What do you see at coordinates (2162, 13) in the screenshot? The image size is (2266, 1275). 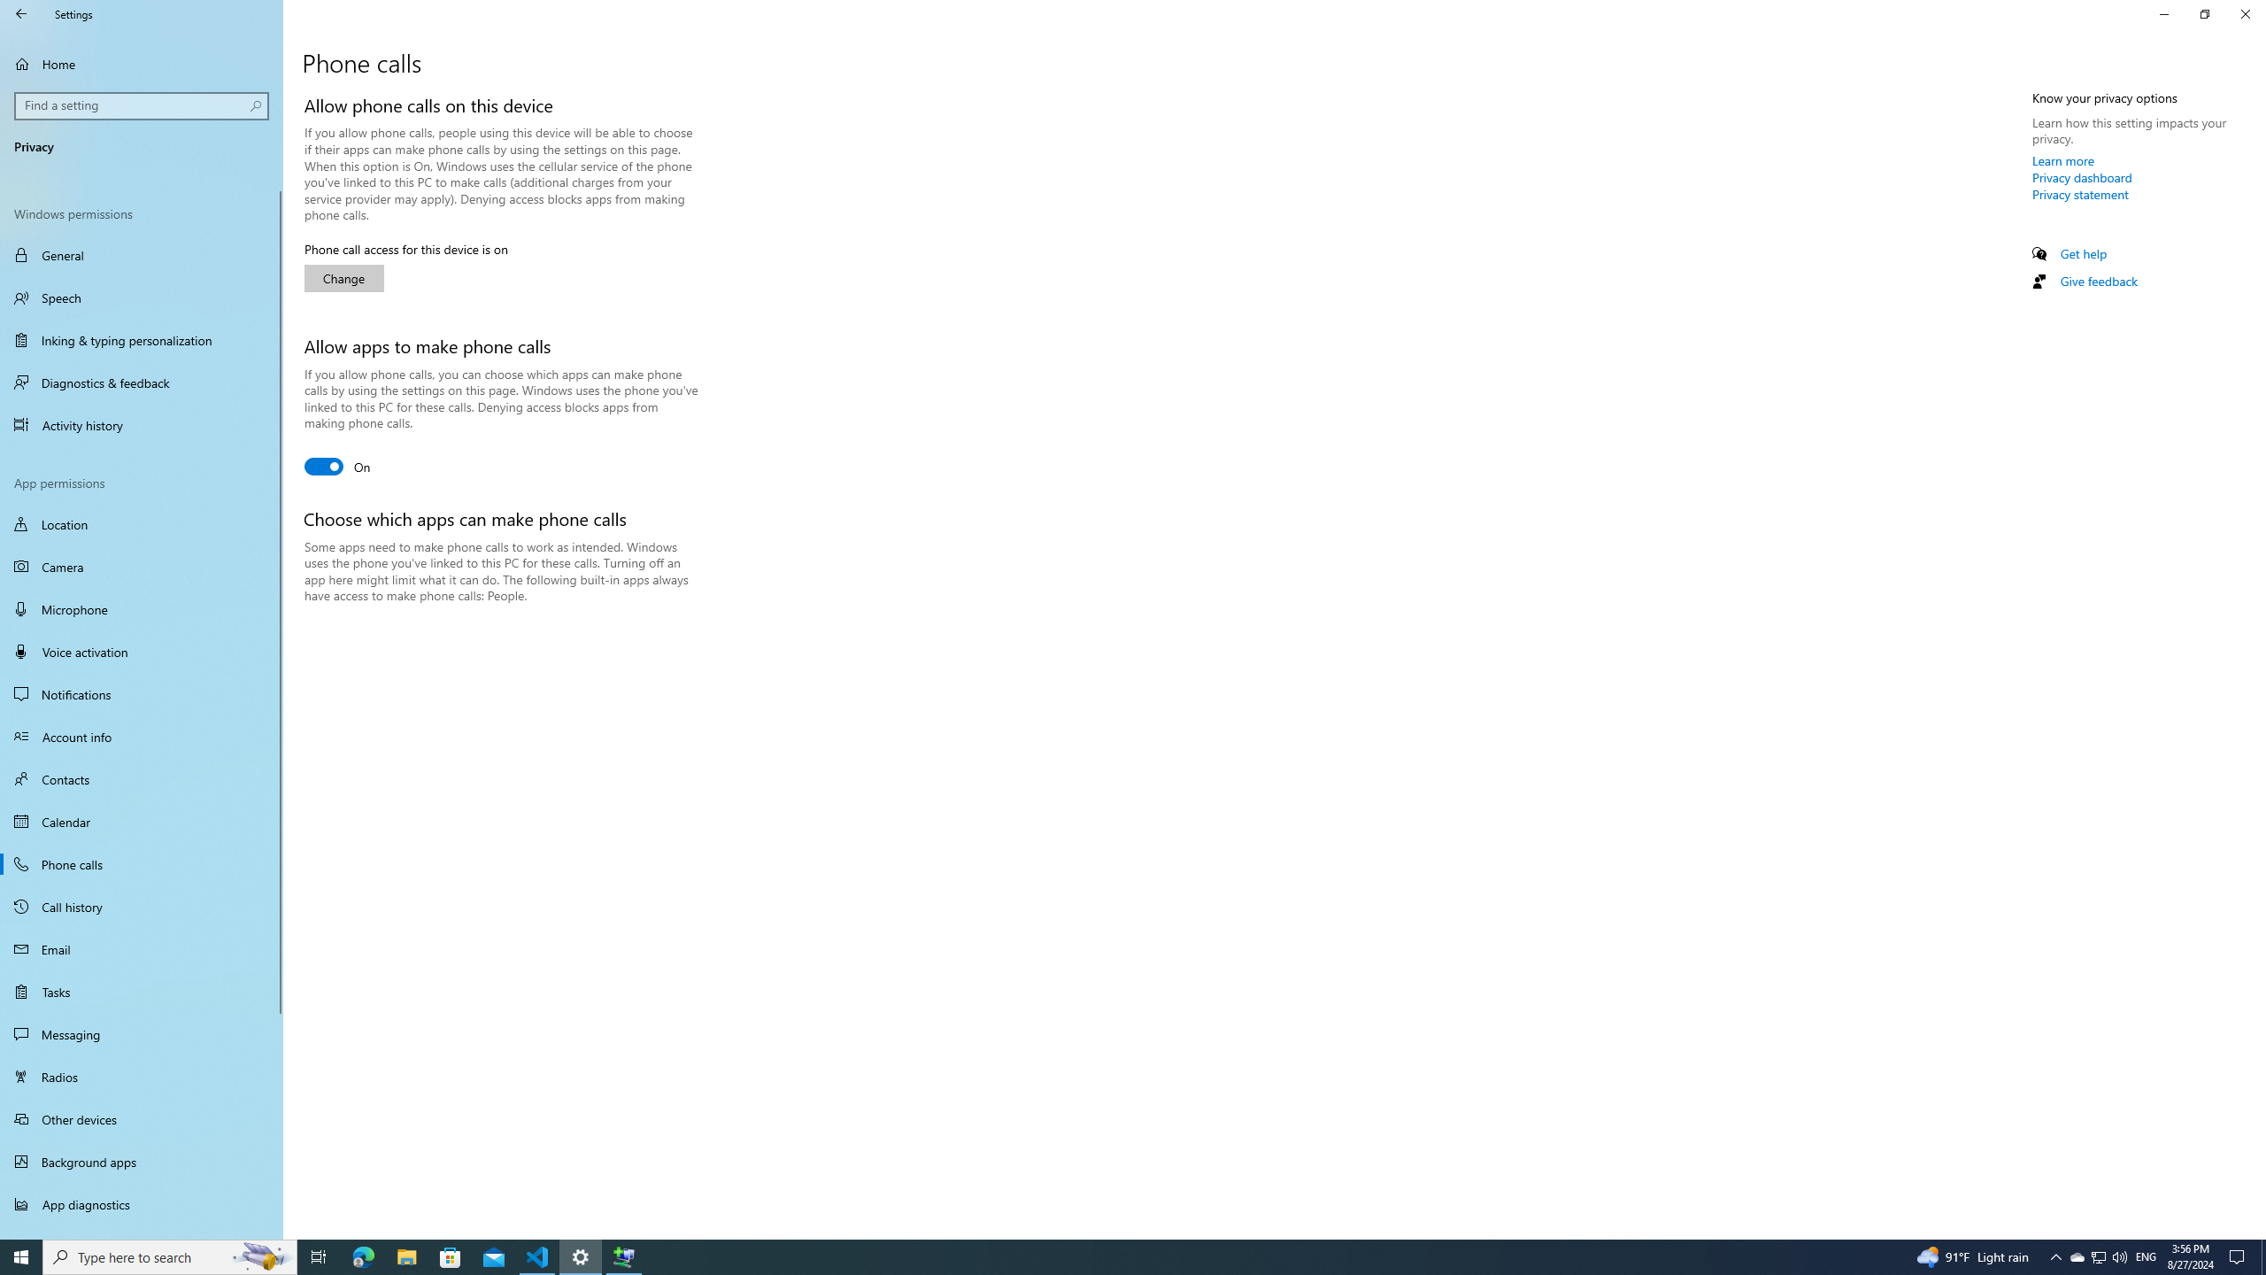 I see `'Minimize Settings'` at bounding box center [2162, 13].